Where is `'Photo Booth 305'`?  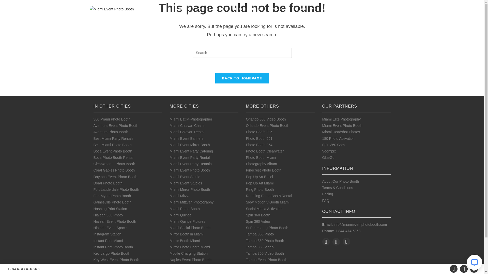
'Photo Booth 305' is located at coordinates (259, 132).